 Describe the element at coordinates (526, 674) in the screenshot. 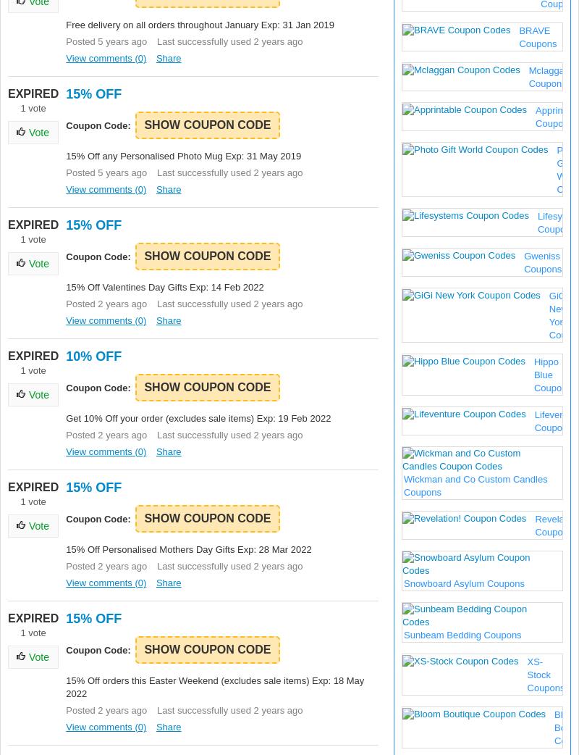

I see `'XS-Stock Coupons'` at that location.